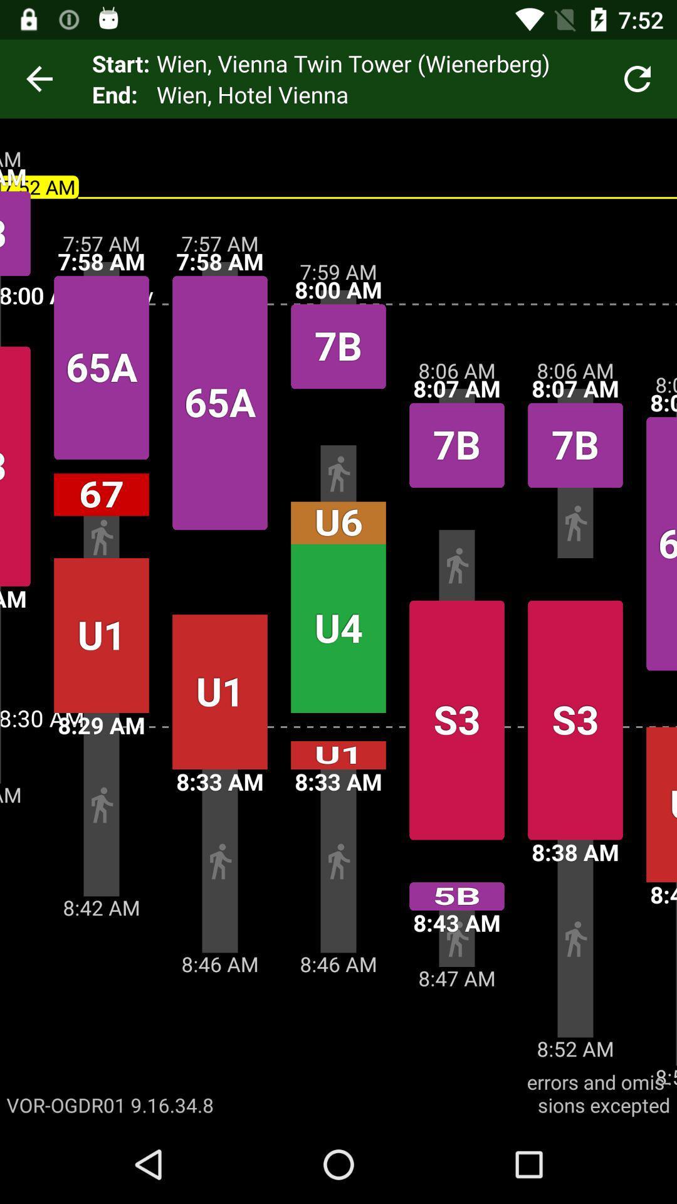 The height and width of the screenshot is (1204, 677). What do you see at coordinates (638, 78) in the screenshot?
I see `the app to the right of wien vienna twin app` at bounding box center [638, 78].